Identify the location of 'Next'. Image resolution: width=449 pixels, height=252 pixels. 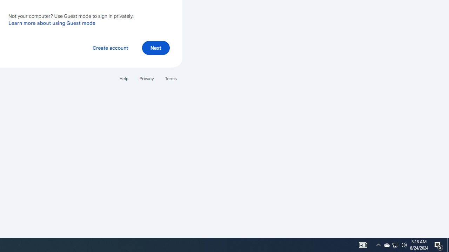
(155, 47).